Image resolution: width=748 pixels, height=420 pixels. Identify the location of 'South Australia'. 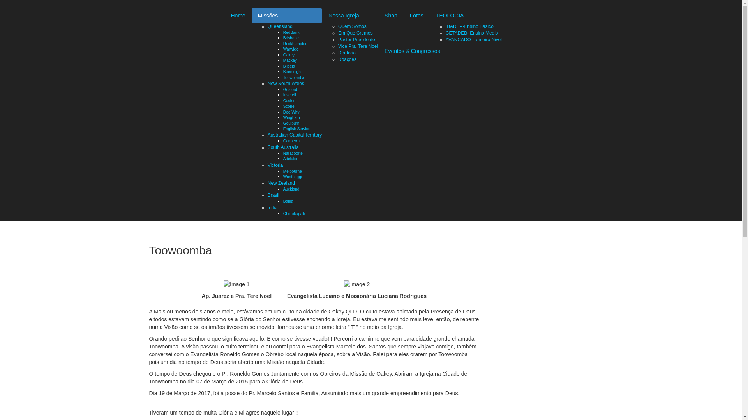
(282, 147).